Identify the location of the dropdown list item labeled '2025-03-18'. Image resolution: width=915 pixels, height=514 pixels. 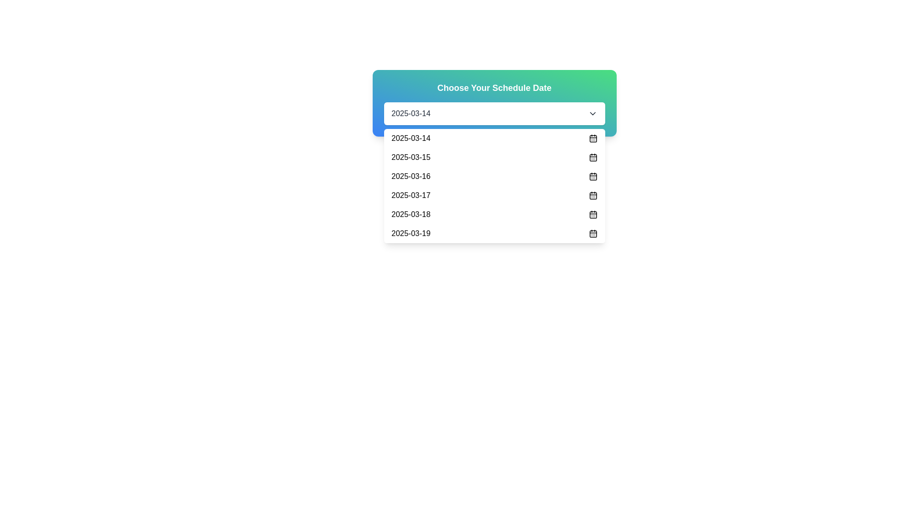
(494, 215).